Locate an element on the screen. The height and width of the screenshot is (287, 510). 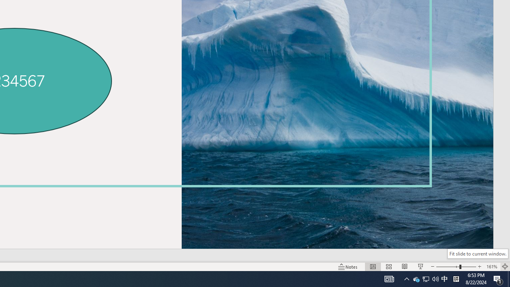
'Notes ' is located at coordinates (348, 267).